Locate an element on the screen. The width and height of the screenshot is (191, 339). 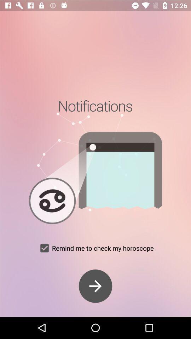
proceed is located at coordinates (95, 286).